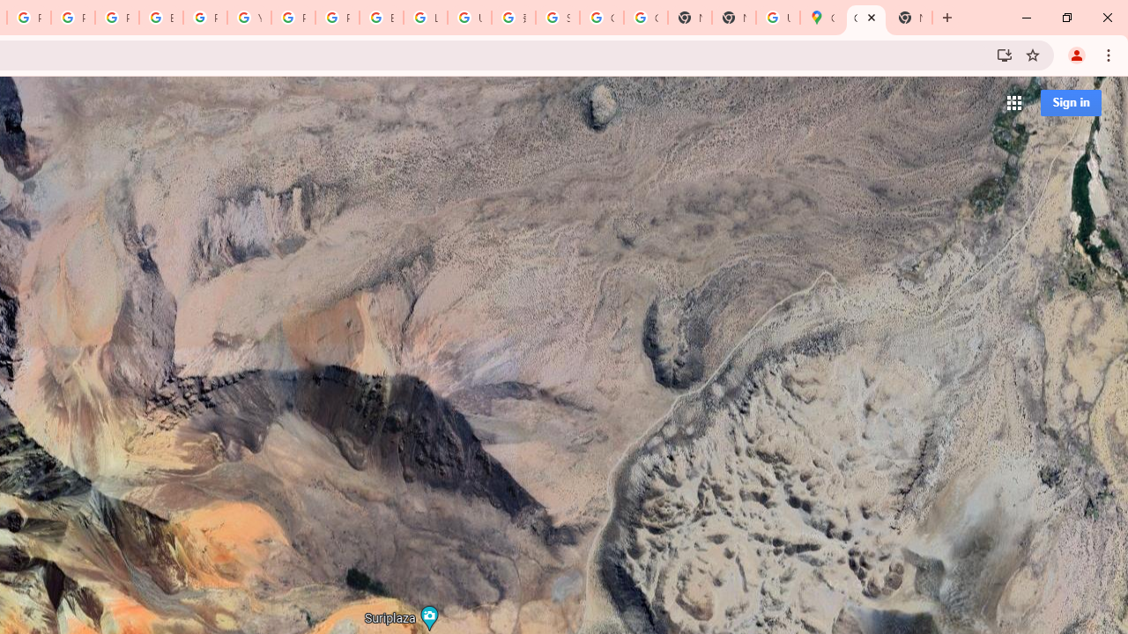  I want to click on 'New Tab', so click(909, 18).